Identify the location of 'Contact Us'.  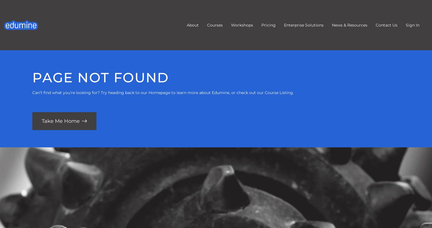
(386, 25).